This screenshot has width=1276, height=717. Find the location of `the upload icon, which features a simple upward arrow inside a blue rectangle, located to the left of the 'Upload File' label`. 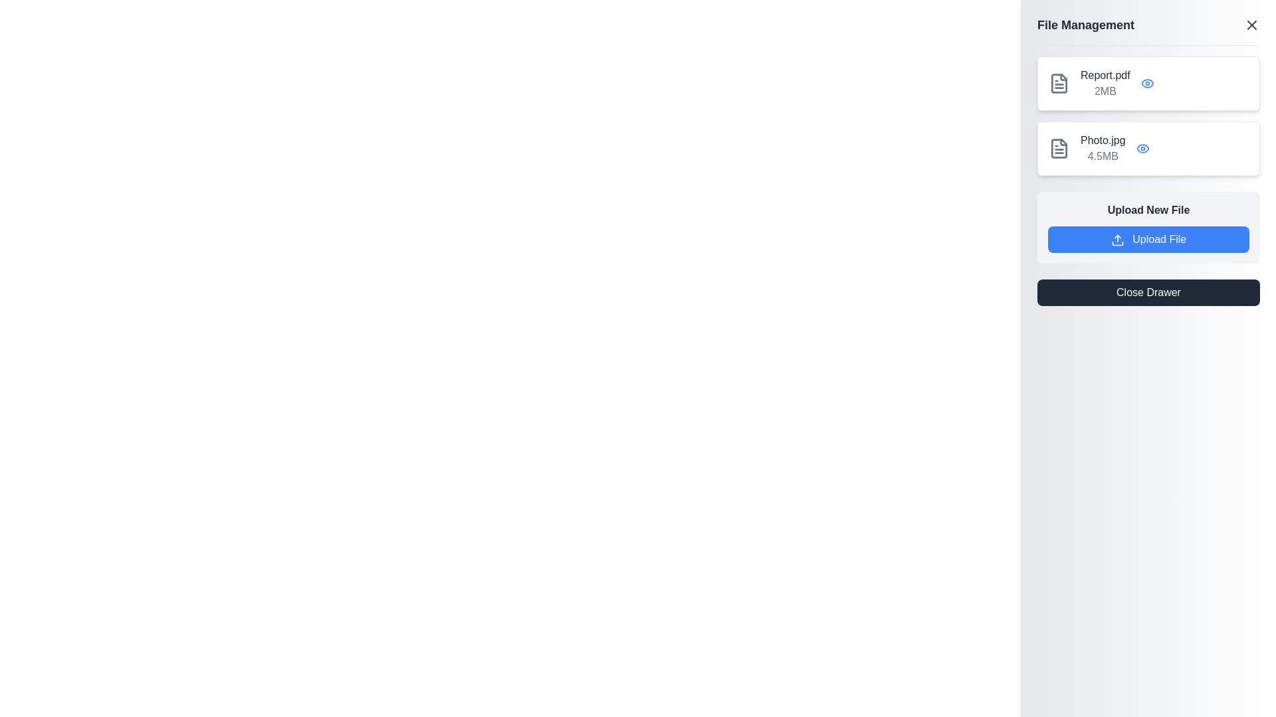

the upload icon, which features a simple upward arrow inside a blue rectangle, located to the left of the 'Upload File' label is located at coordinates (1116, 240).